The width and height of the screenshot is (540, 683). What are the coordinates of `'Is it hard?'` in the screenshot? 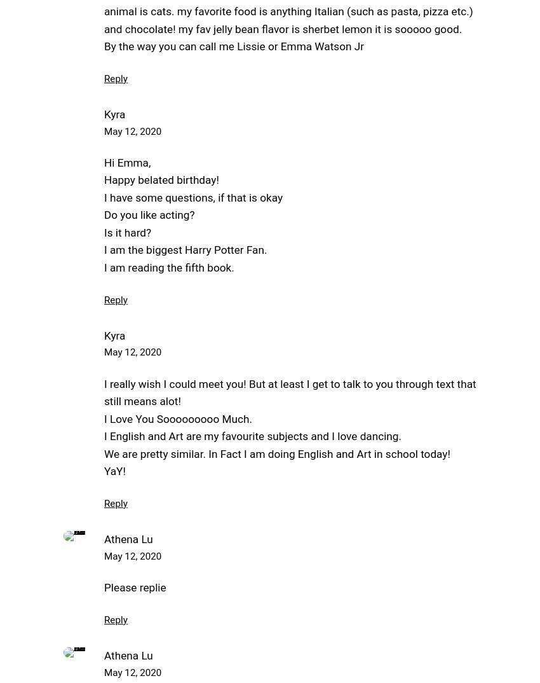 It's located at (127, 231).